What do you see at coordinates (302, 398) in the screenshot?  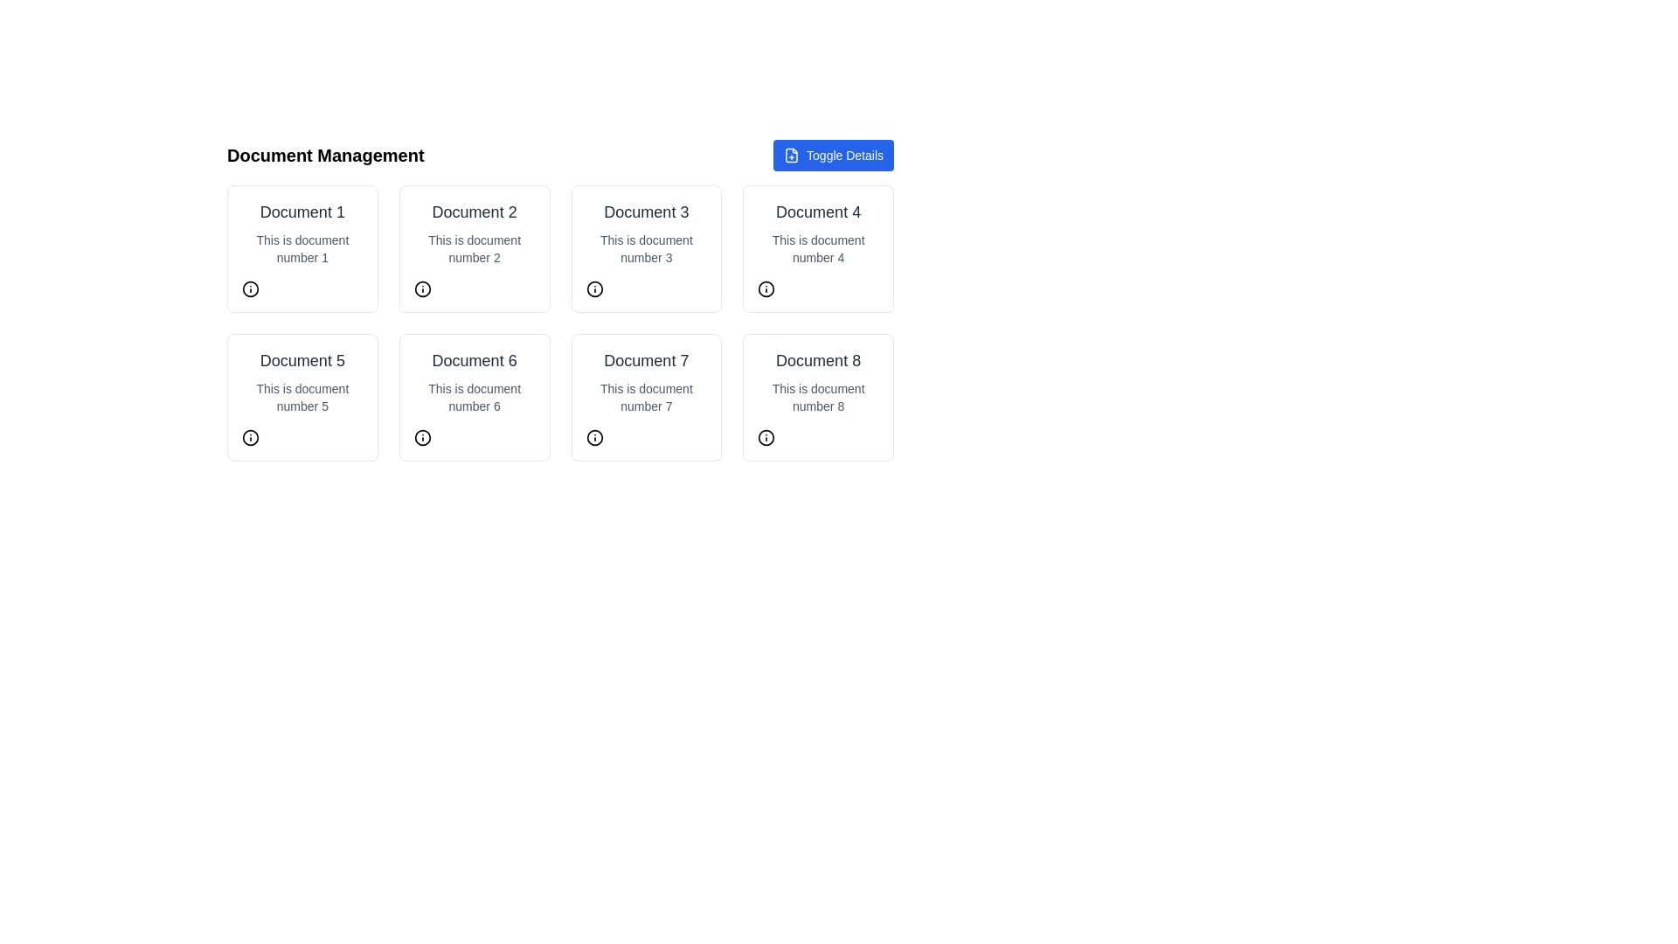 I see `the informational panel titled 'Document 5' that contains the description 'This is document number 5' and an icon in the bottom-left corner` at bounding box center [302, 398].